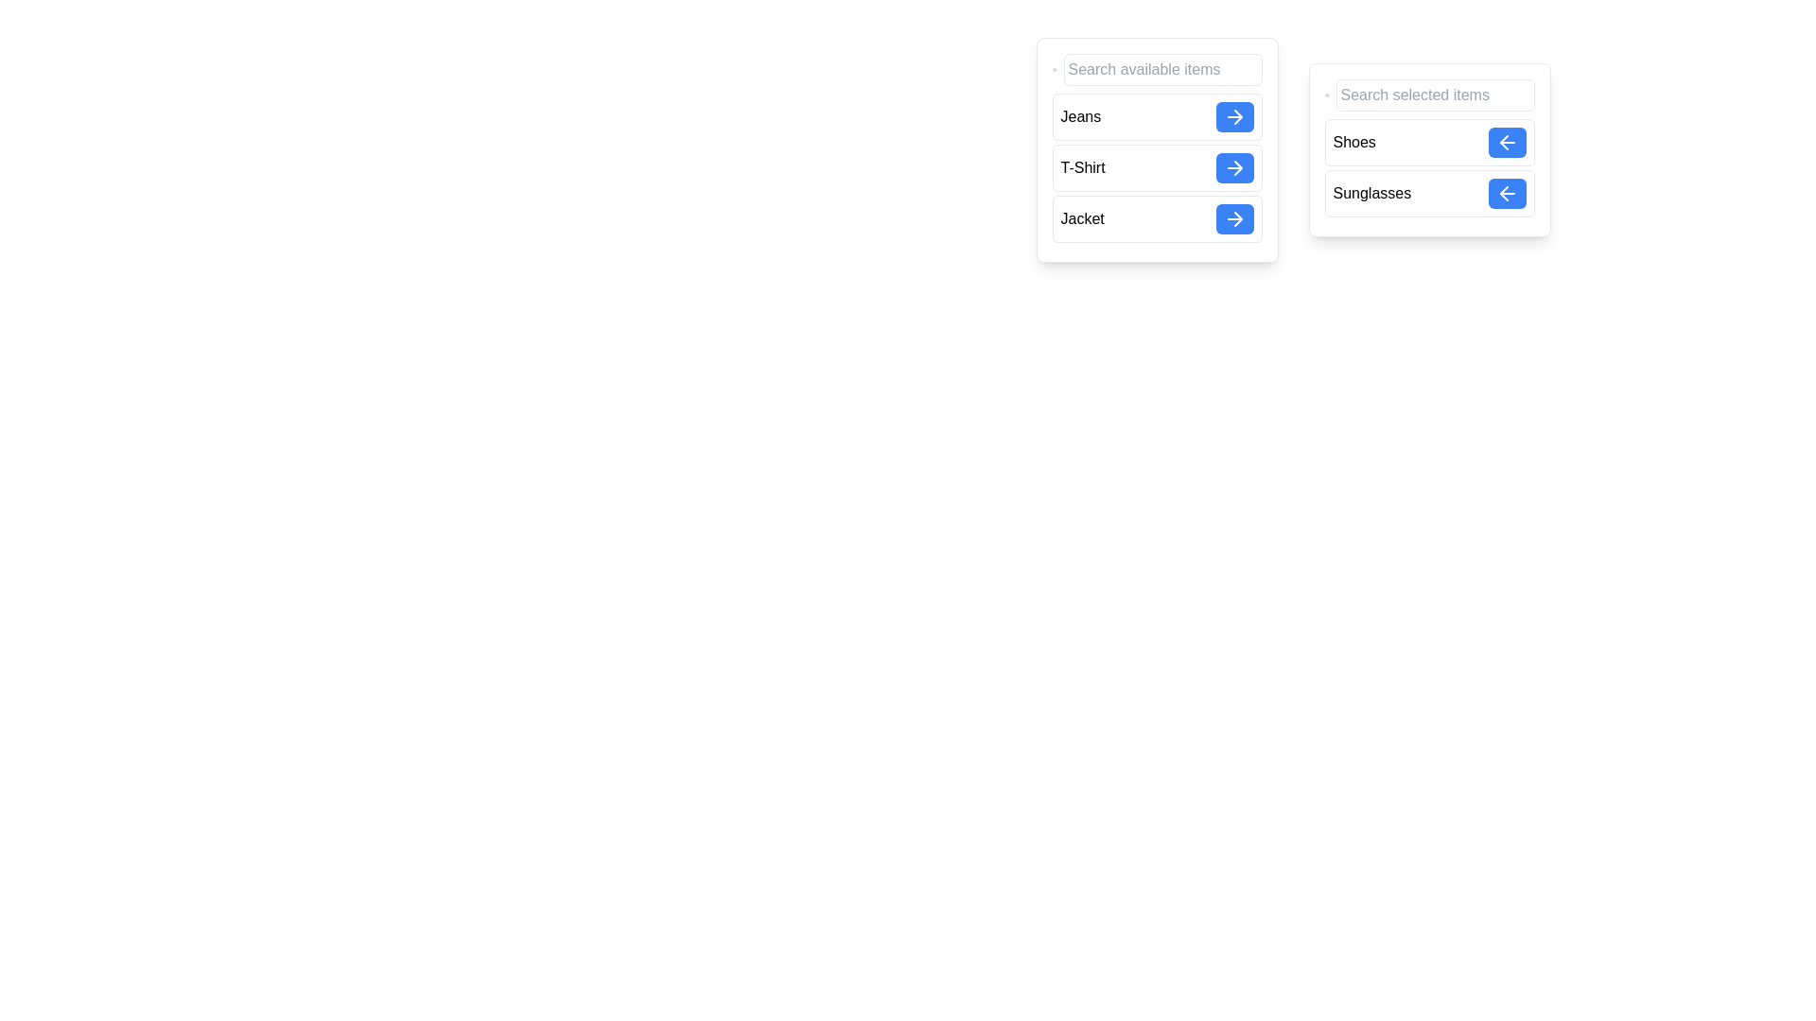 The width and height of the screenshot is (1816, 1021). What do you see at coordinates (1161, 68) in the screenshot?
I see `the text input box with placeholder 'Search available items'` at bounding box center [1161, 68].